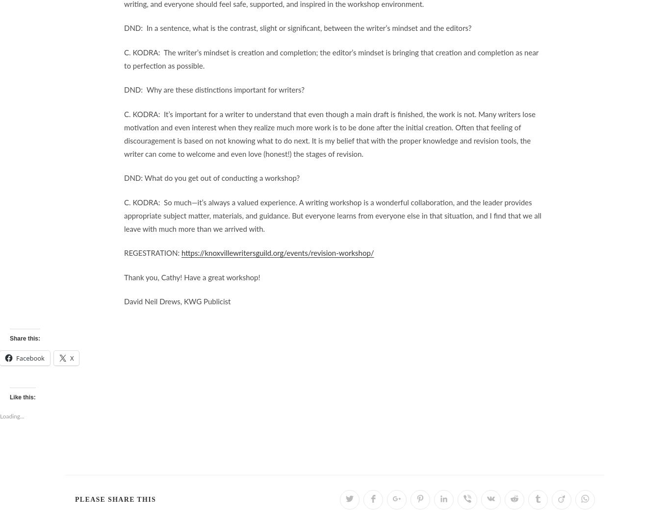  What do you see at coordinates (211, 178) in the screenshot?
I see `'DND: What do you get out of conducting a workshop?'` at bounding box center [211, 178].